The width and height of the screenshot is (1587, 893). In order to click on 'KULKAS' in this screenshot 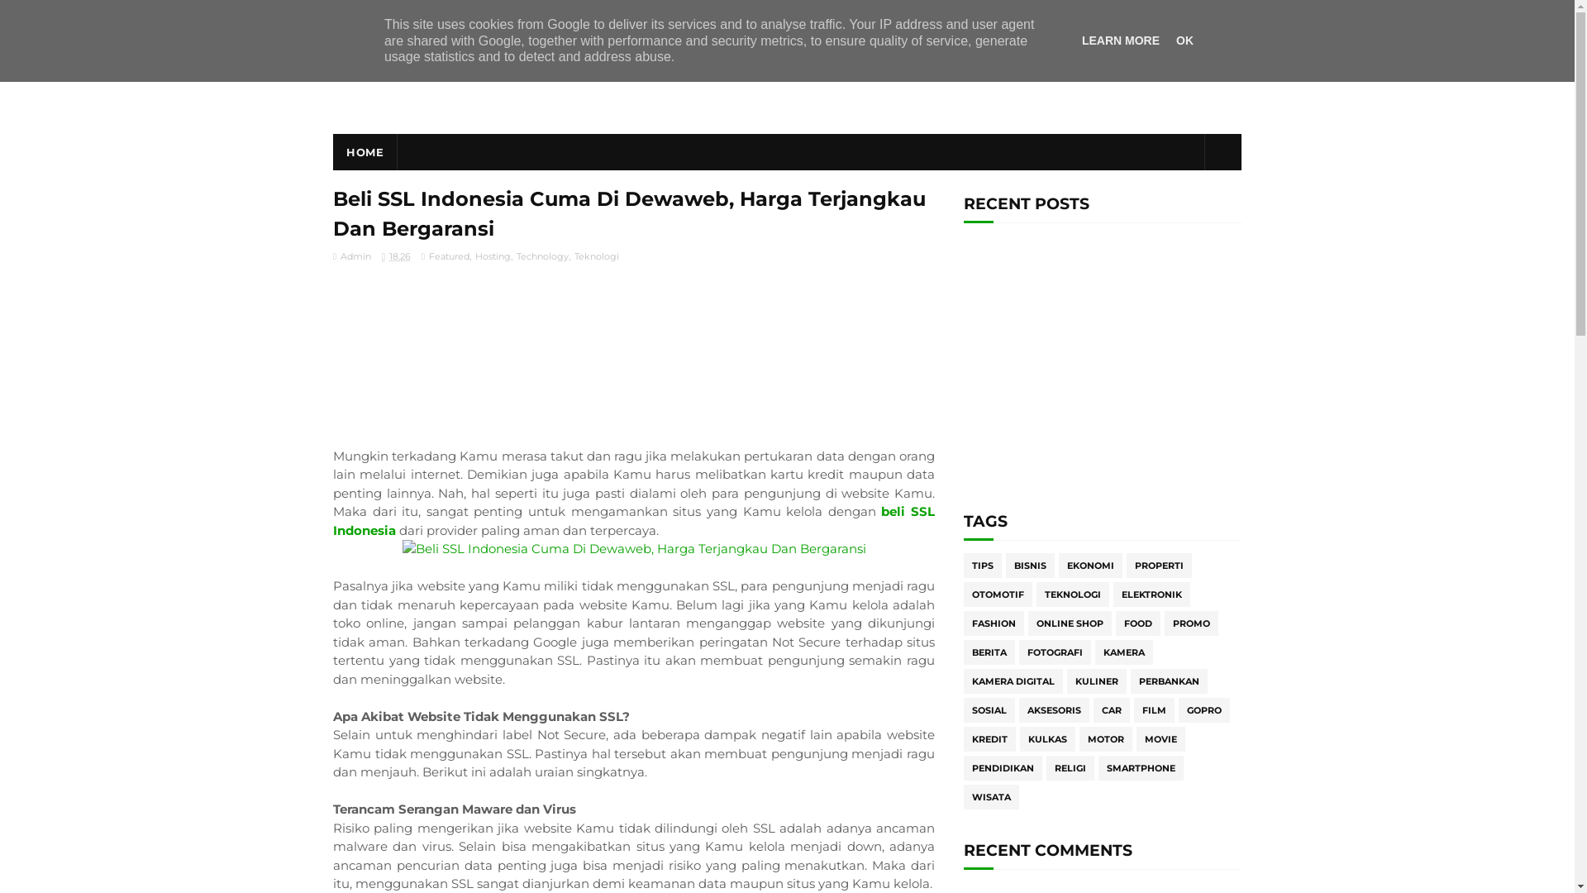, I will do `click(1046, 738)`.